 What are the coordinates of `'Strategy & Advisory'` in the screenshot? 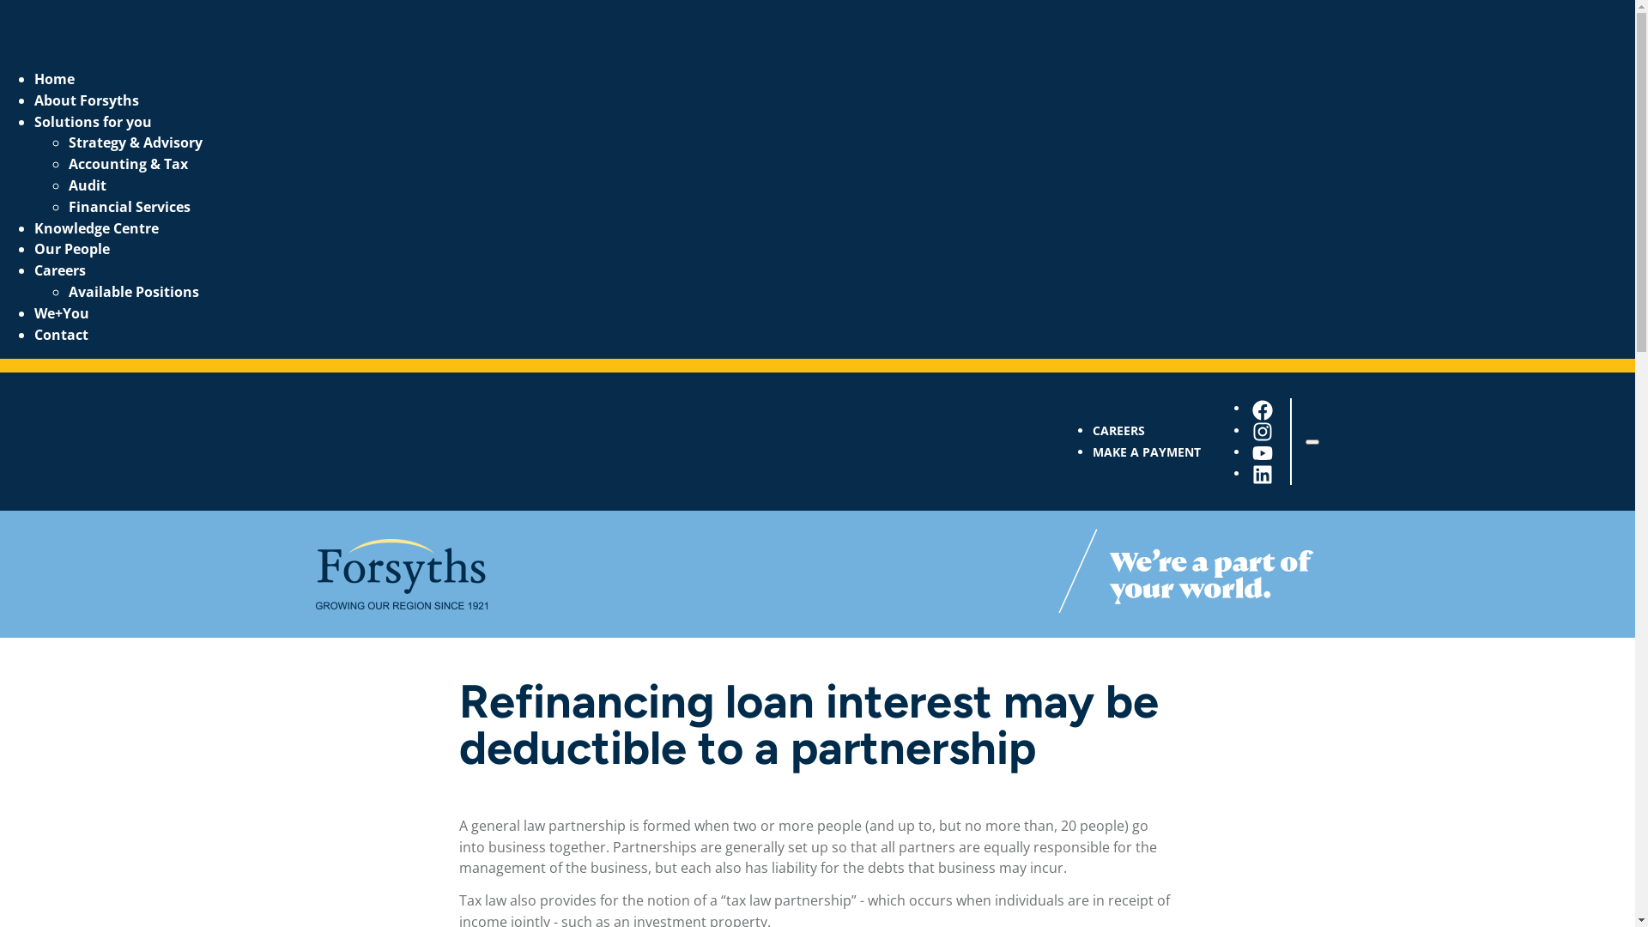 It's located at (69, 141).